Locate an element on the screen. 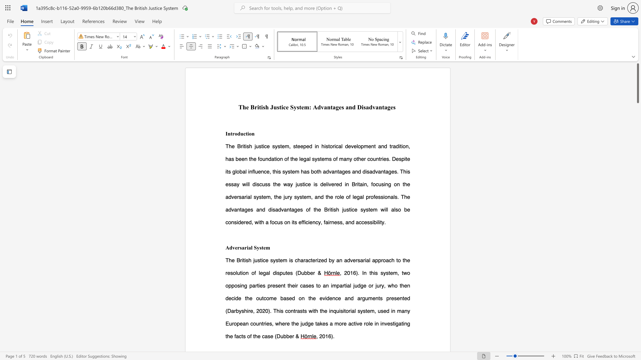 Image resolution: width=641 pixels, height=360 pixels. the 2th character "t" in the text is located at coordinates (246, 134).